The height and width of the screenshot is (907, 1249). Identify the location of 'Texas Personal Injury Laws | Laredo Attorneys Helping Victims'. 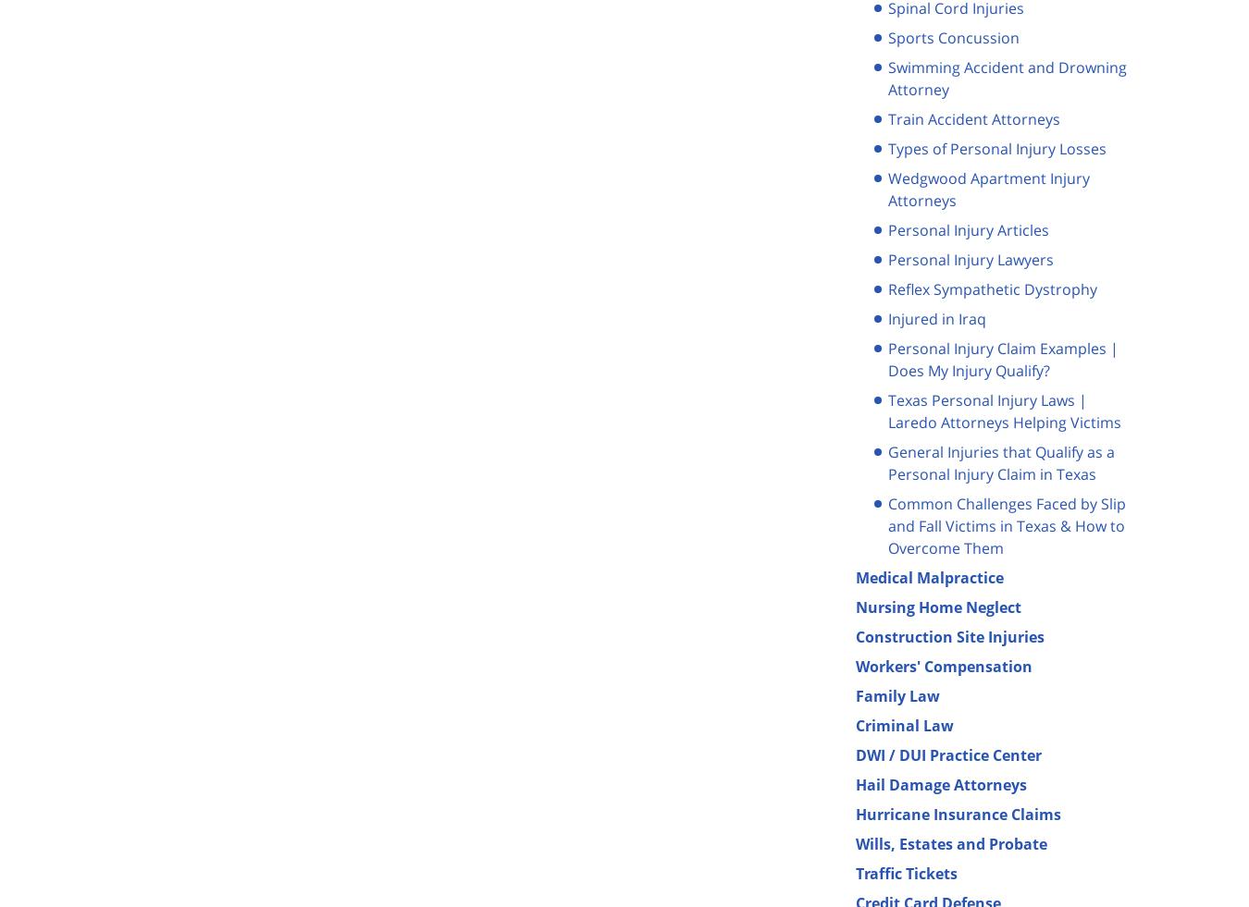
(1004, 410).